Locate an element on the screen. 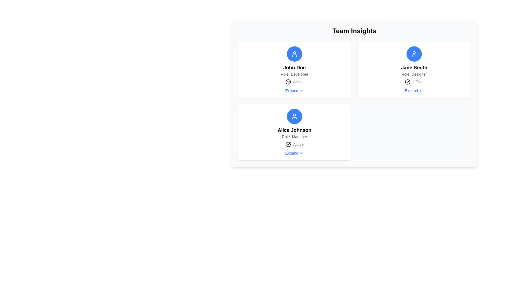 The height and width of the screenshot is (296, 527). the circular blue icon with a white outline of a person, located above 'Jane Smith's' card in the 'Team Insights' section is located at coordinates (414, 54).